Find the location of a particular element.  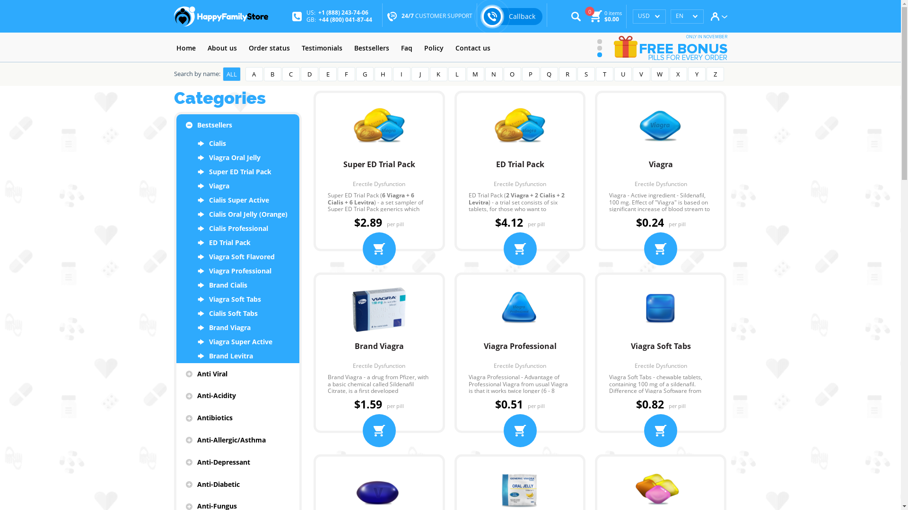

'Cialis Soft Tabs' is located at coordinates (237, 313).